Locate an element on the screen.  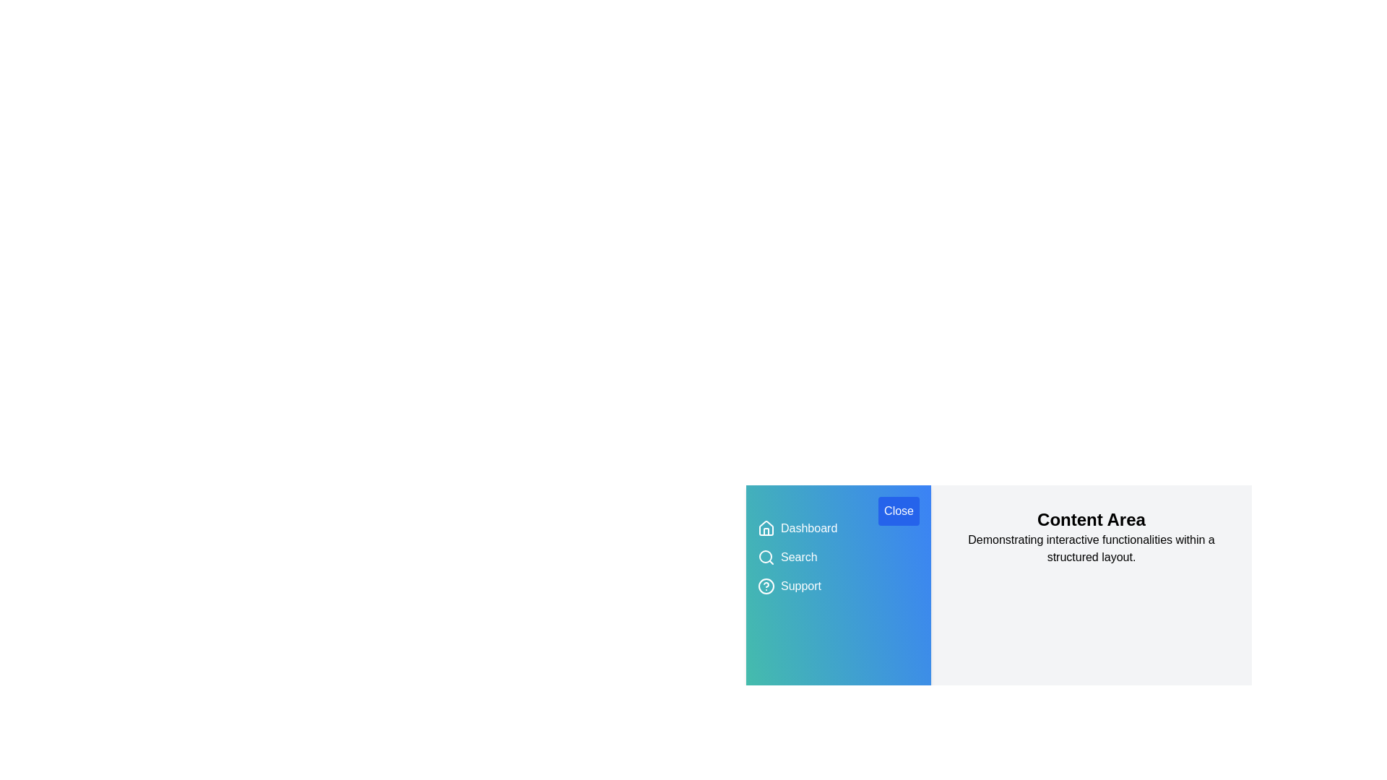
the icon corresponding to Search to interact with it is located at coordinates (765, 556).